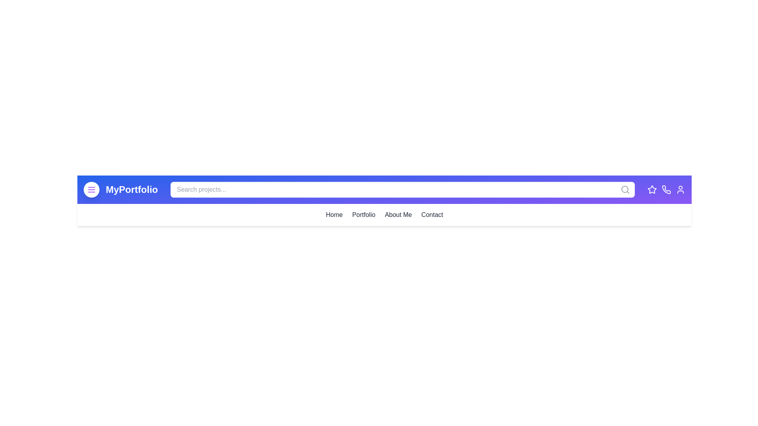 Image resolution: width=758 pixels, height=426 pixels. Describe the element at coordinates (398, 215) in the screenshot. I see `the 'About Me' navigation link` at that location.